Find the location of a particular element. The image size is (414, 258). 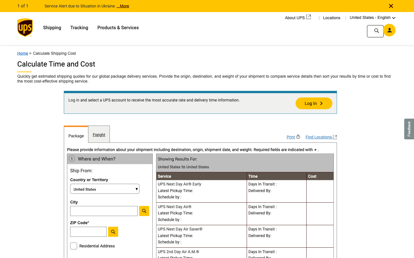

Duplicate the content from the "City" field is located at coordinates (104, 210).